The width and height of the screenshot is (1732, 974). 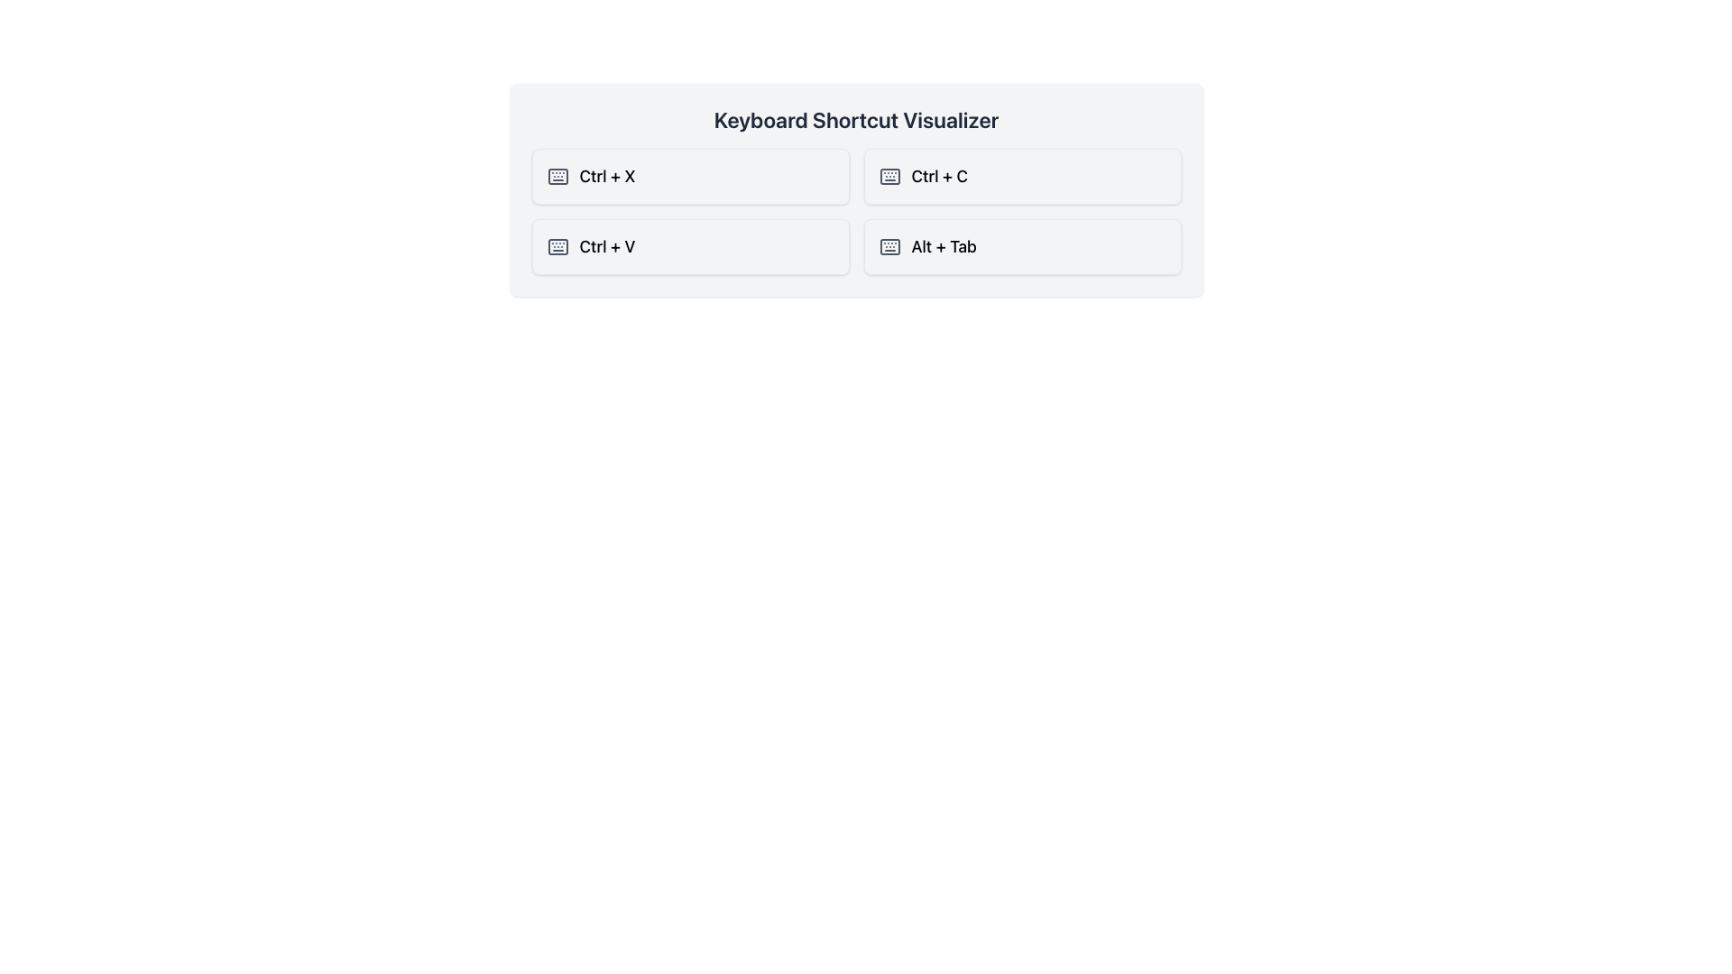 What do you see at coordinates (557, 246) in the screenshot?
I see `the keyboard icon located to the left of the 'Ctrl + V' text in the selectable list item` at bounding box center [557, 246].